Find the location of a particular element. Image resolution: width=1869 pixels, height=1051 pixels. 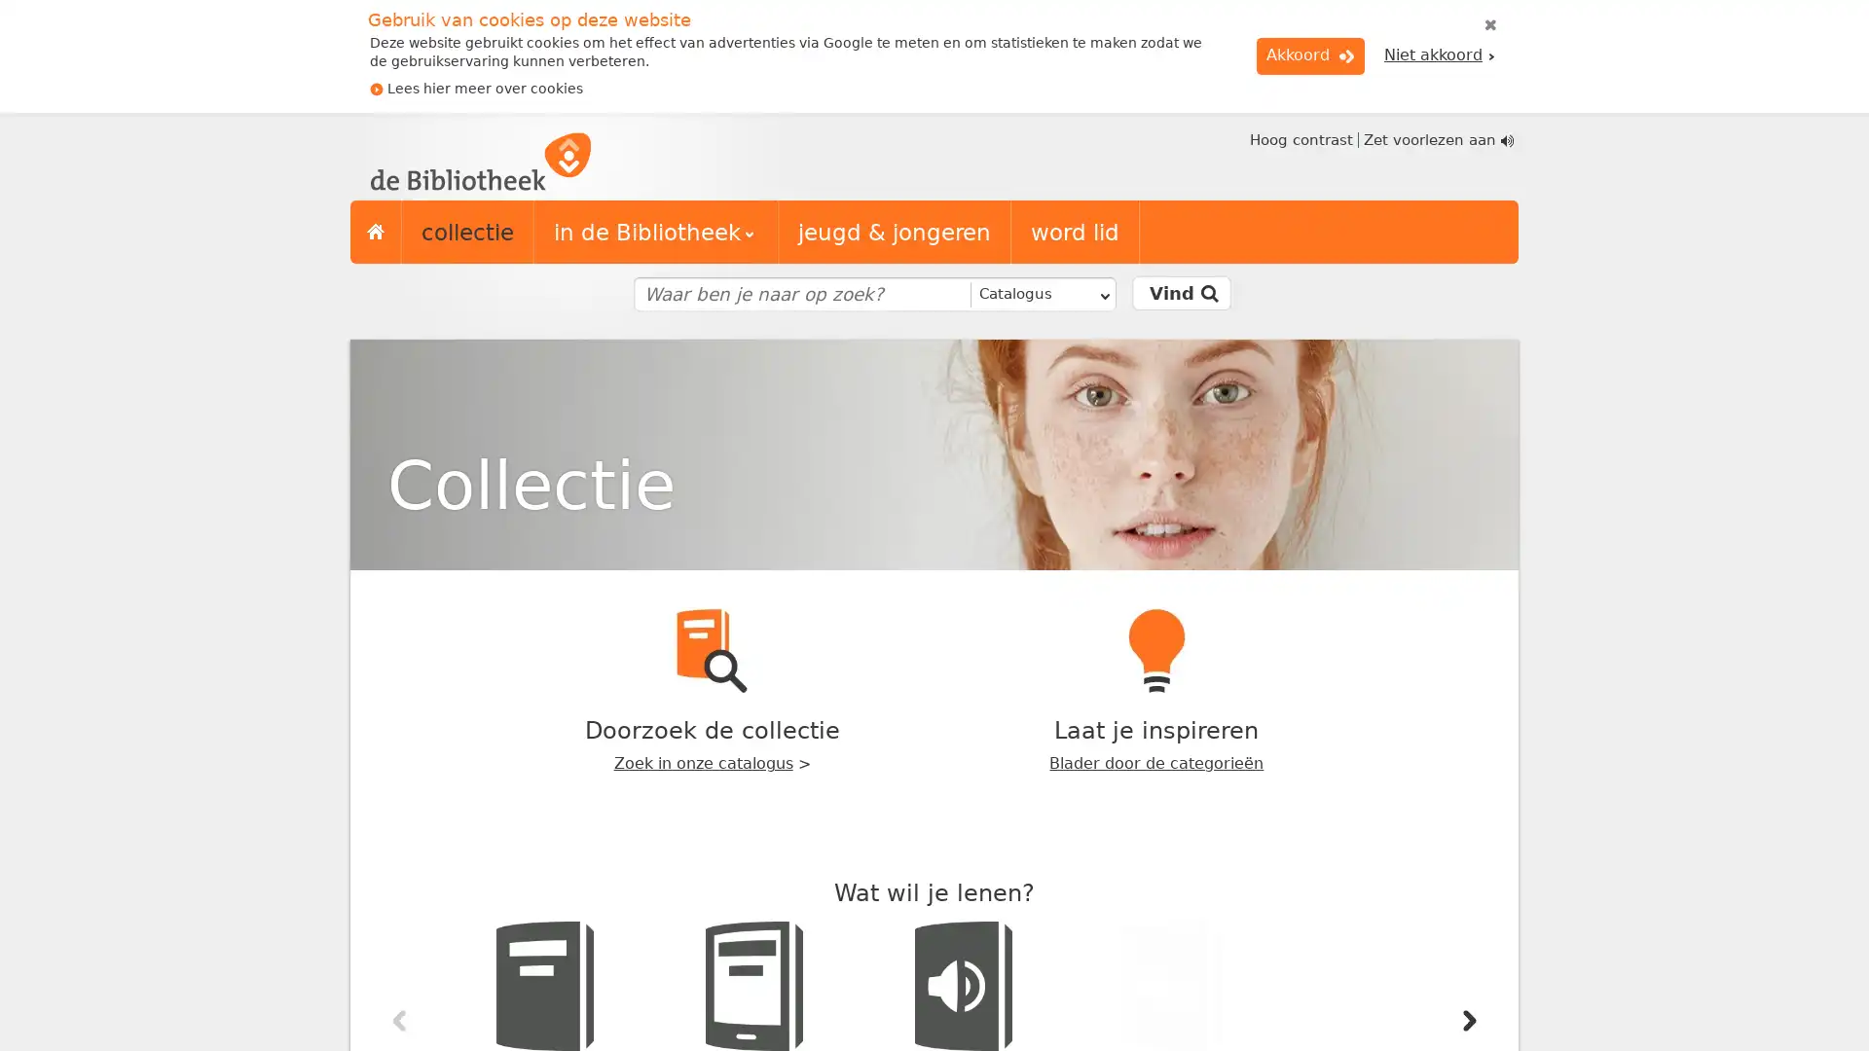

Hoog contrast is located at coordinates (1299, 138).